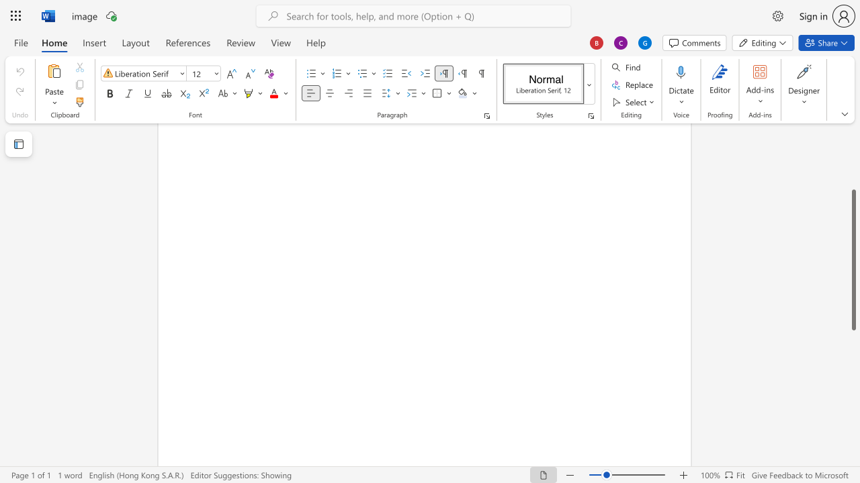 The height and width of the screenshot is (483, 860). I want to click on the scrollbar, so click(853, 166).